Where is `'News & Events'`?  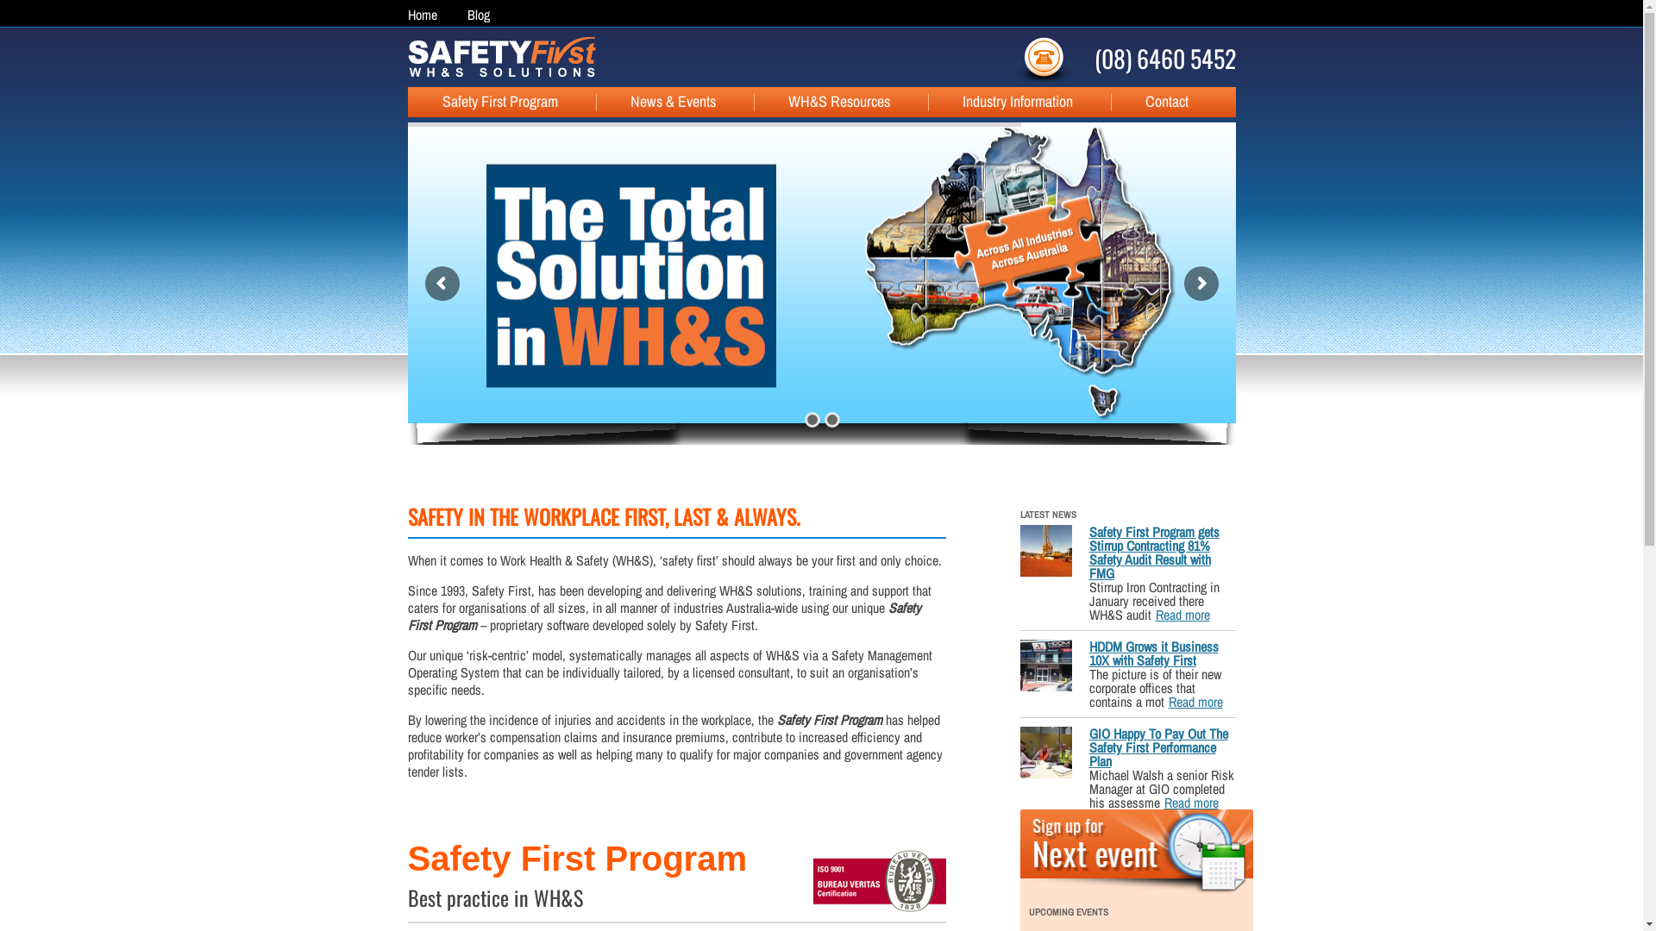
'News & Events' is located at coordinates (654, 102).